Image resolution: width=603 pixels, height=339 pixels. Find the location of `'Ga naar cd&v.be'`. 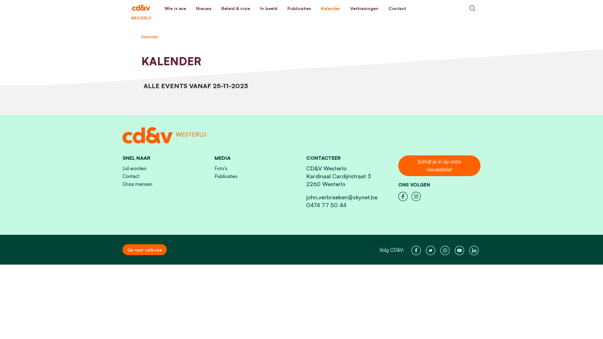

'Ga naar cd&v.be' is located at coordinates (144, 249).